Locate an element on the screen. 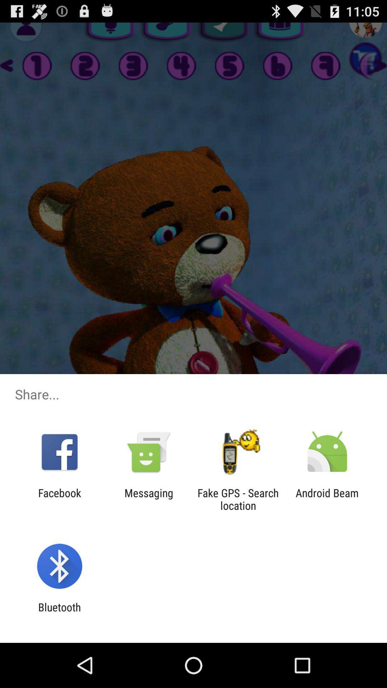 Image resolution: width=387 pixels, height=688 pixels. the icon next to the facebook is located at coordinates (148, 499).